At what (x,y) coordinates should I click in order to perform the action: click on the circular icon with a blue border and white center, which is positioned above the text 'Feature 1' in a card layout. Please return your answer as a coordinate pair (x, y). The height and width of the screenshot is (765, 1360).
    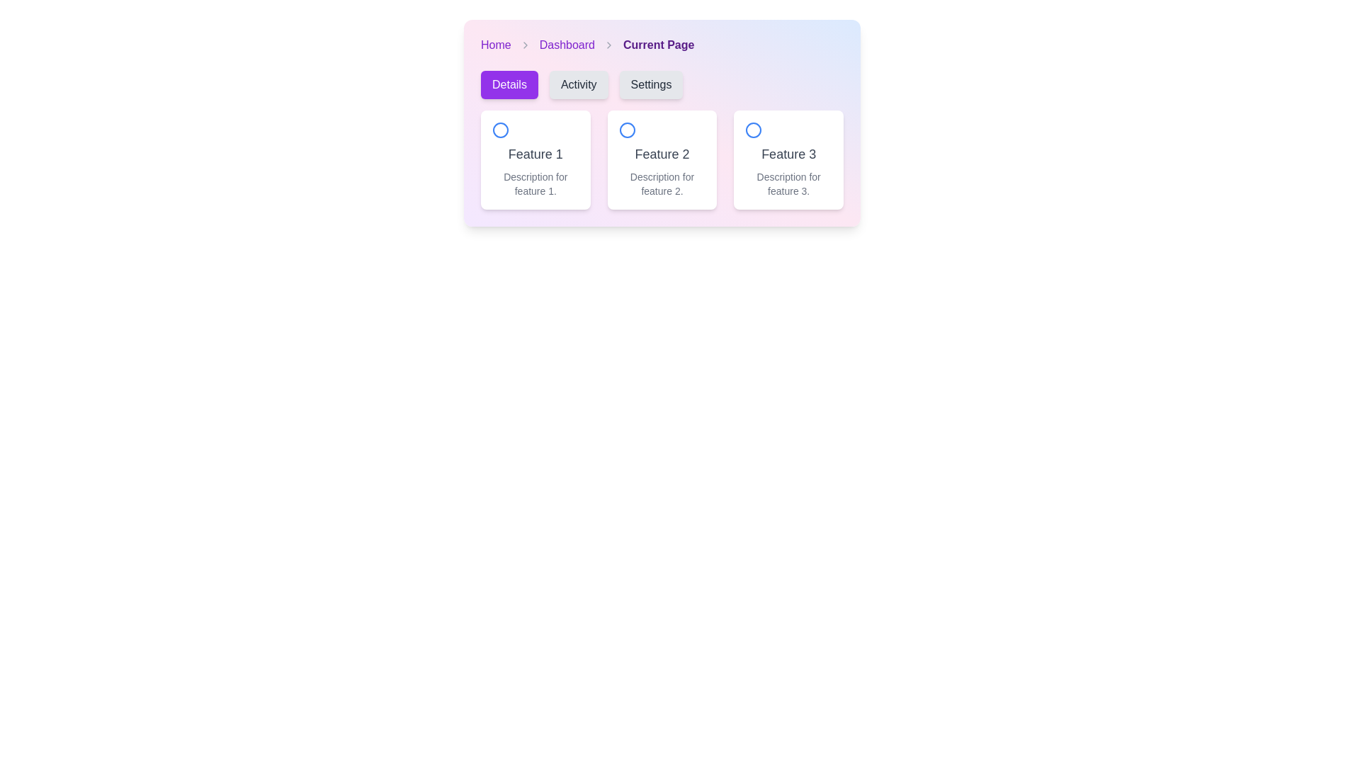
    Looking at the image, I should click on (500, 130).